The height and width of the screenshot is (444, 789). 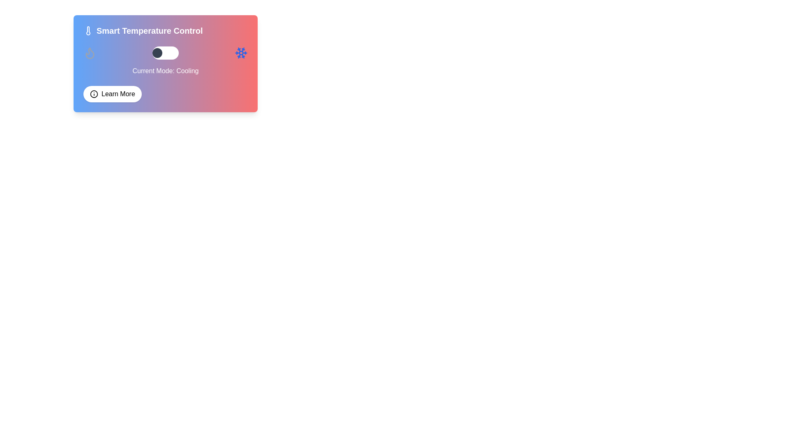 I want to click on the heading text element that indicates the content and purpose of the temperature control card, positioned prominently at the top of the card, so click(x=165, y=30).